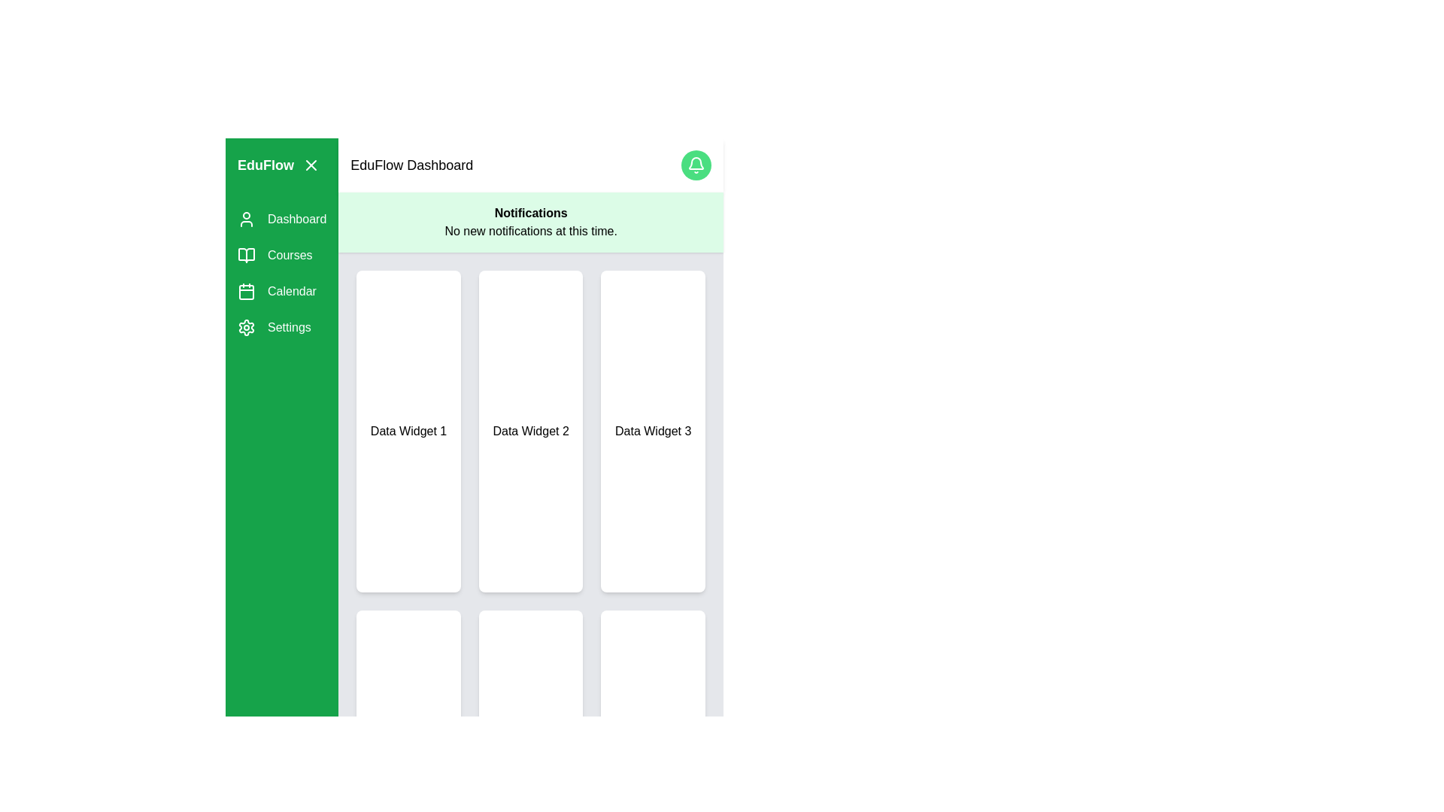 This screenshot has height=812, width=1444. Describe the element at coordinates (246, 254) in the screenshot. I see `the open book icon in the sidebar navigation` at that location.